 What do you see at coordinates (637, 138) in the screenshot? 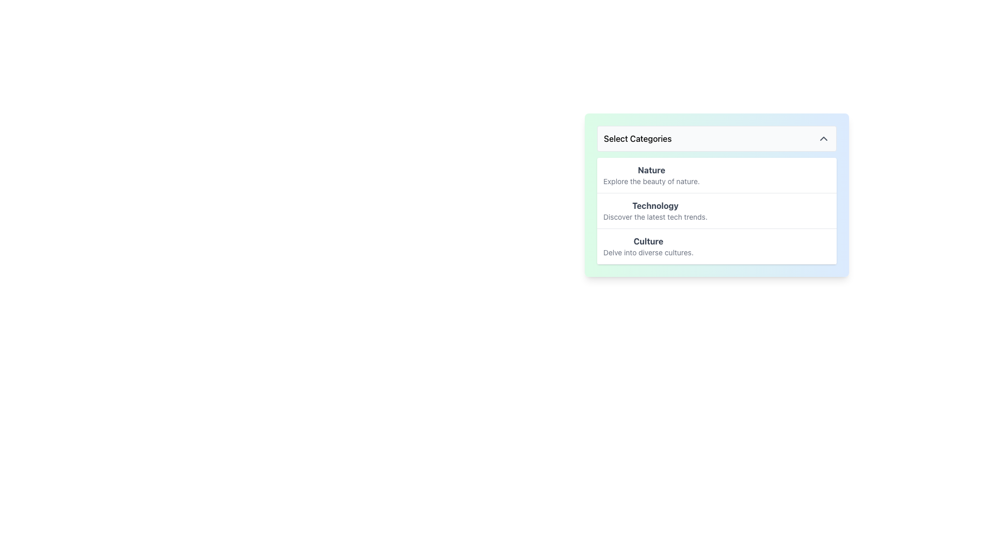
I see `text content of the title or heading element located in the top-left corner of the dropdown menu interface, which is above the list of categories` at bounding box center [637, 138].